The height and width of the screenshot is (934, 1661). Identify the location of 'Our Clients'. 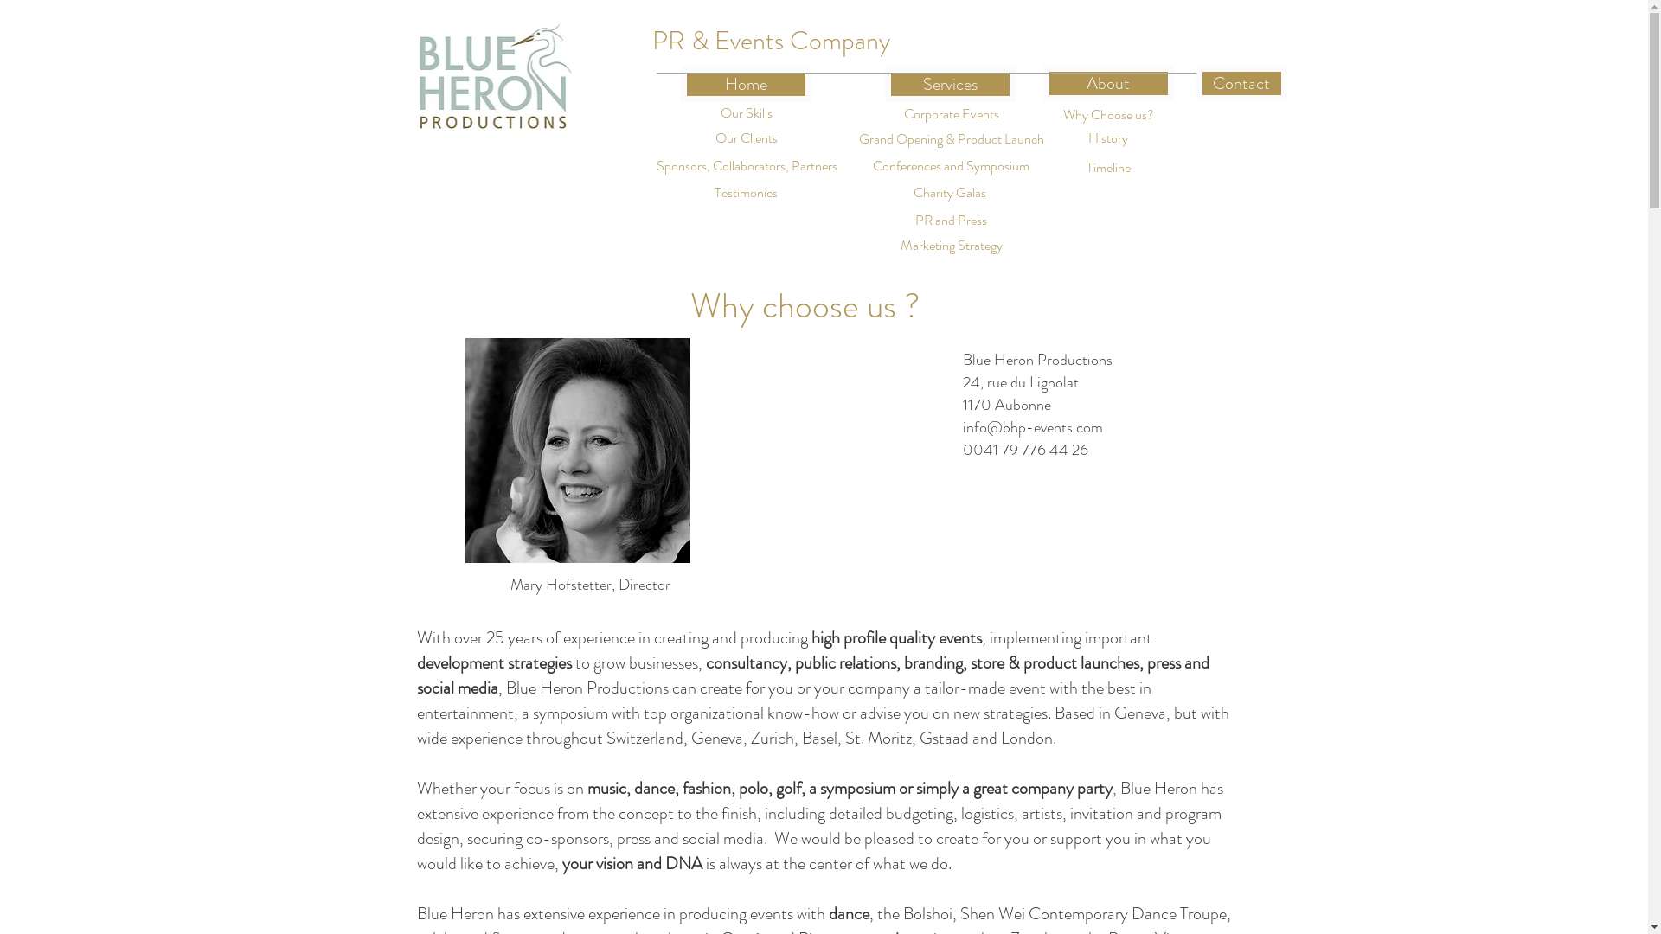
(746, 138).